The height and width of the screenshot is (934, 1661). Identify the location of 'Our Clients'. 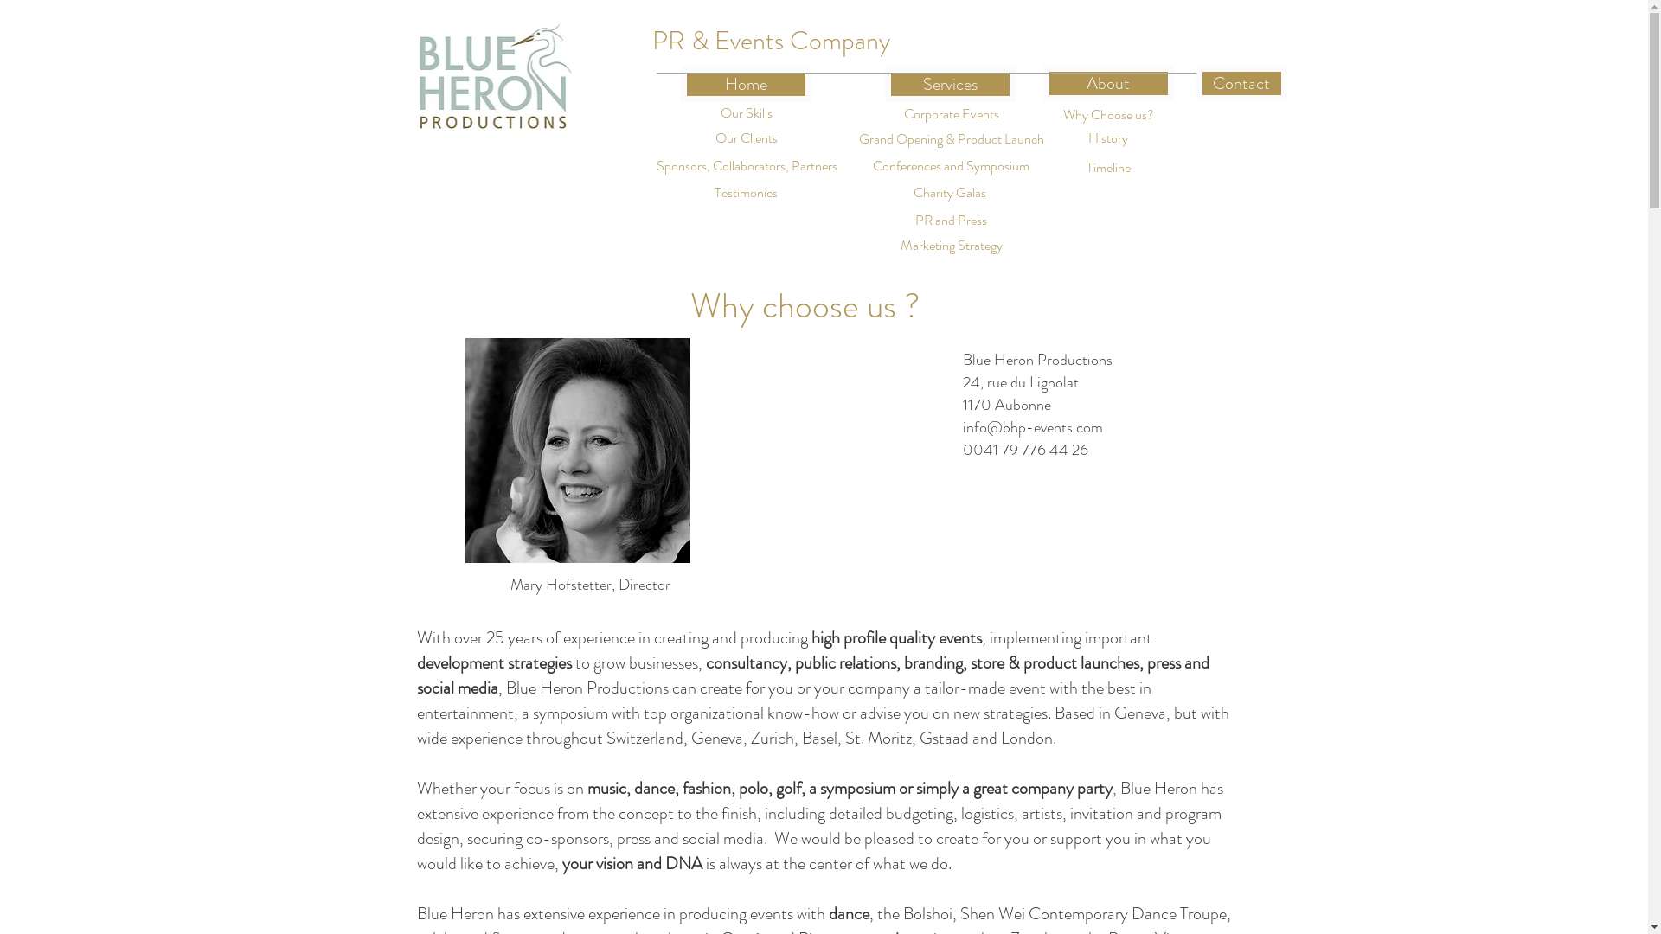
(746, 138).